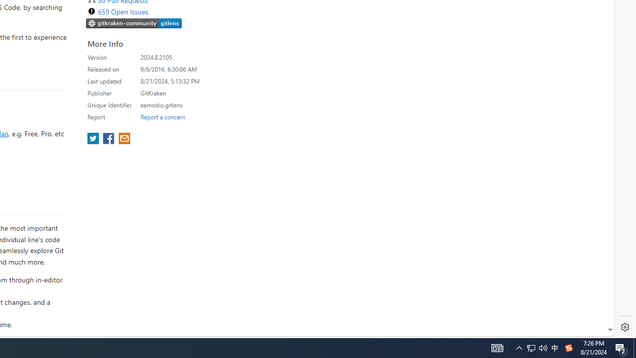 The image size is (636, 358). Describe the element at coordinates (134, 22) in the screenshot. I see `'https://slack.gitkraken.com//'` at that location.